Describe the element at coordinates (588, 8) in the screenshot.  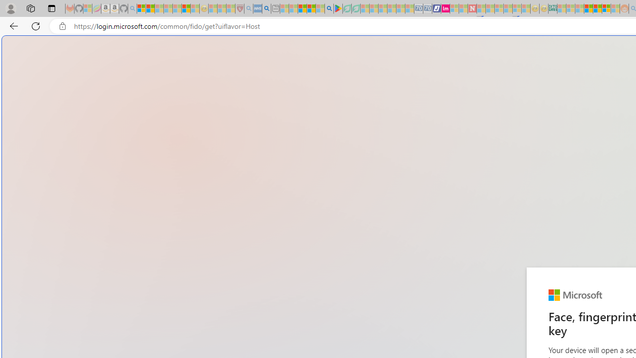
I see `'Expert Portfolios'` at that location.